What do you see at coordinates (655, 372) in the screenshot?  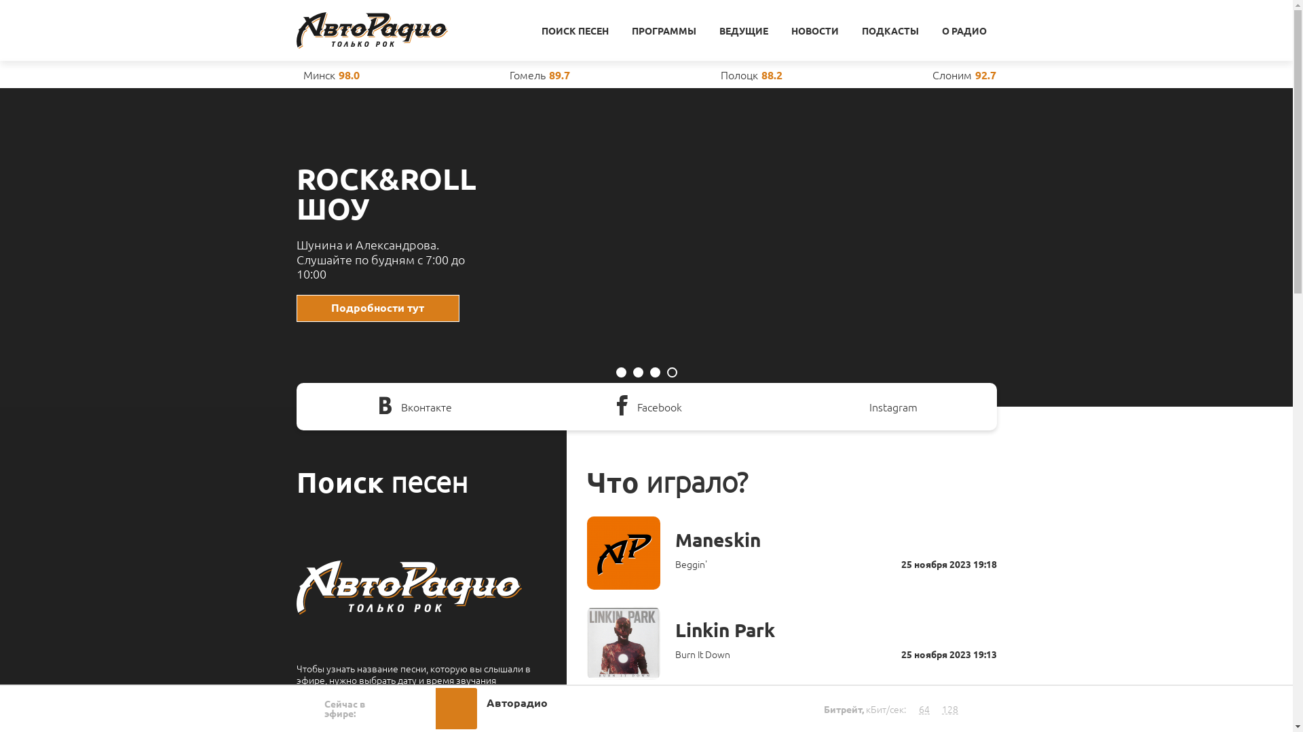 I see `'3'` at bounding box center [655, 372].